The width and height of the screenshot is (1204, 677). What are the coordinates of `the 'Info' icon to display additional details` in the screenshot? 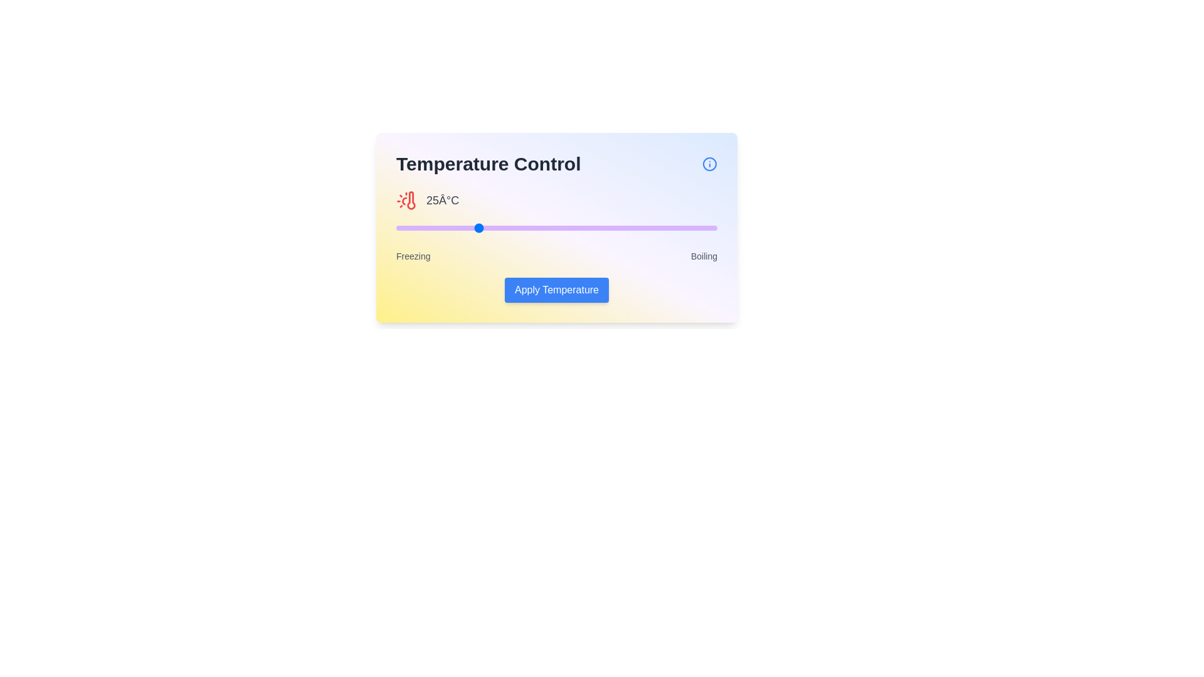 It's located at (710, 164).